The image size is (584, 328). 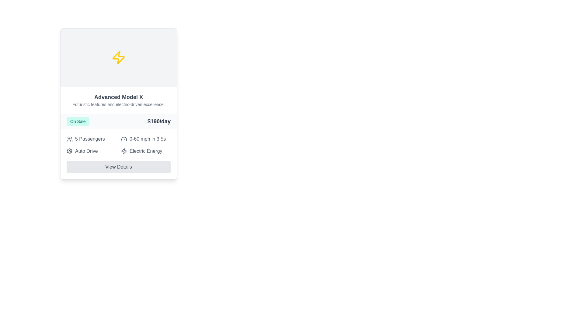 What do you see at coordinates (145, 139) in the screenshot?
I see `the Text with Icon that displays the performance specification of the product, located in the right column below '5 Passengers' and above 'Auto Drive'` at bounding box center [145, 139].